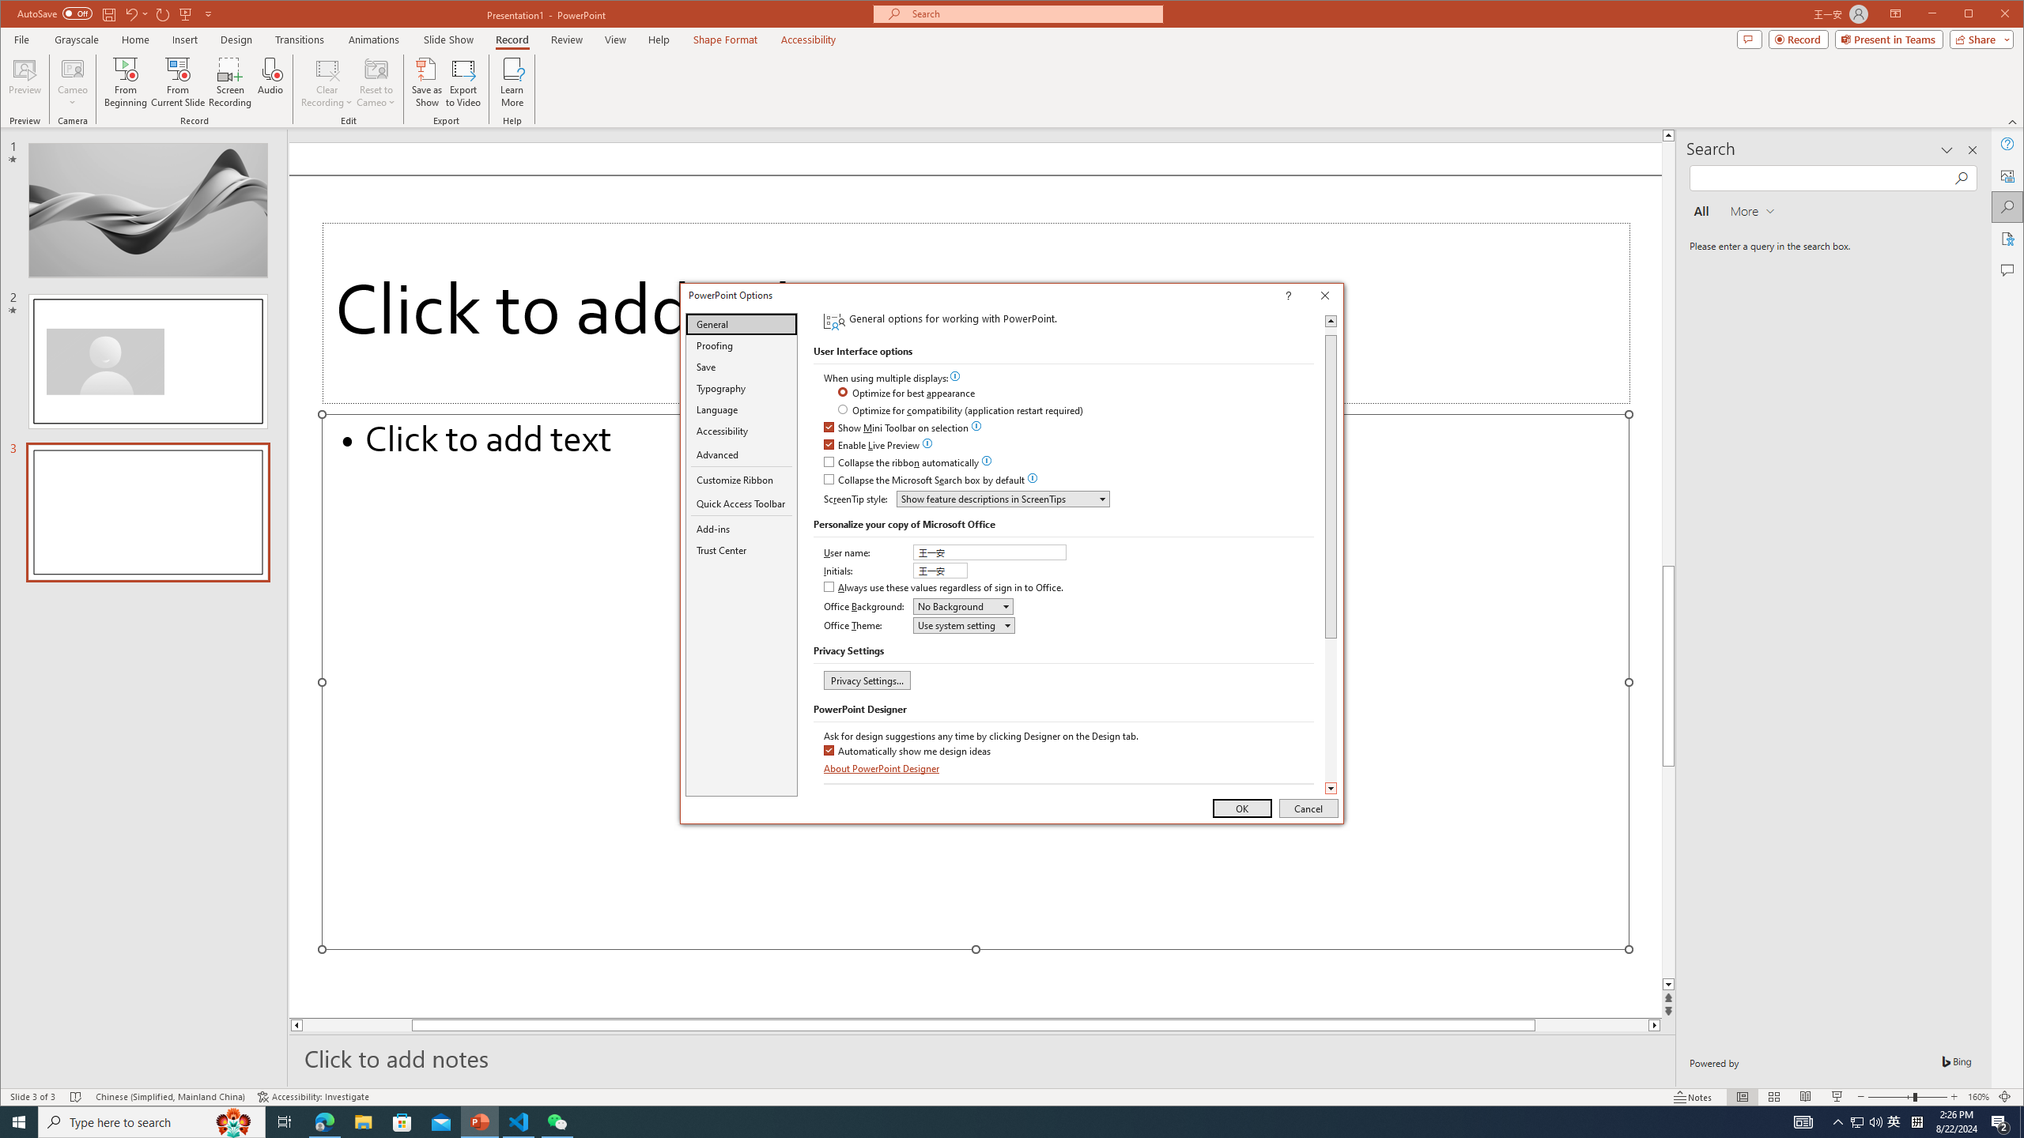 The width and height of the screenshot is (2024, 1138). I want to click on 'Trust Center', so click(741, 550).